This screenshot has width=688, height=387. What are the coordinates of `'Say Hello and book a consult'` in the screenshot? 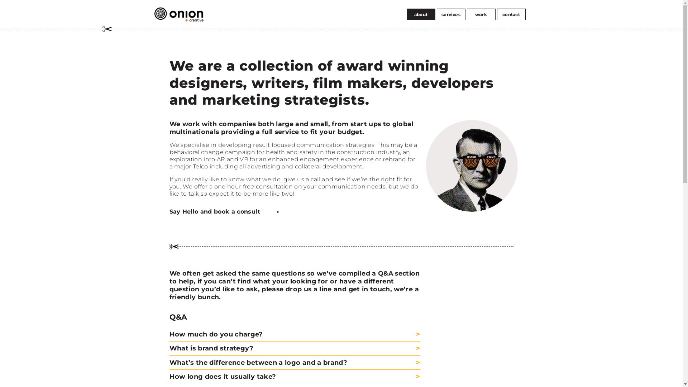 It's located at (224, 211).